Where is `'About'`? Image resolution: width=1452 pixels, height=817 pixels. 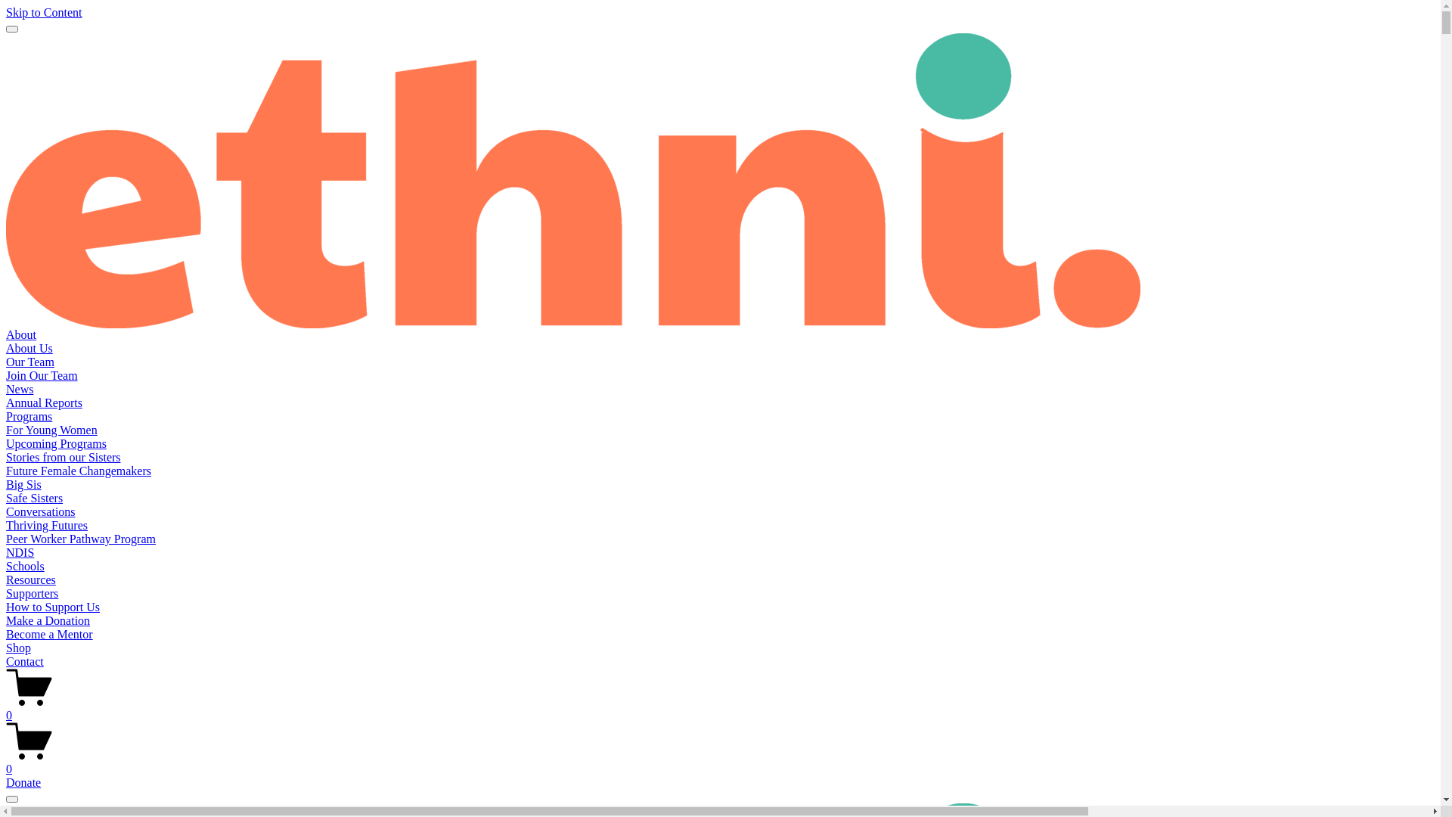 'About' is located at coordinates (21, 334).